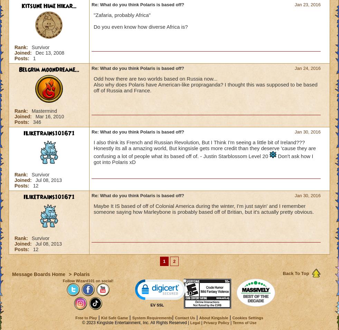  I want to click on 'Message Boards Home', so click(39, 274).